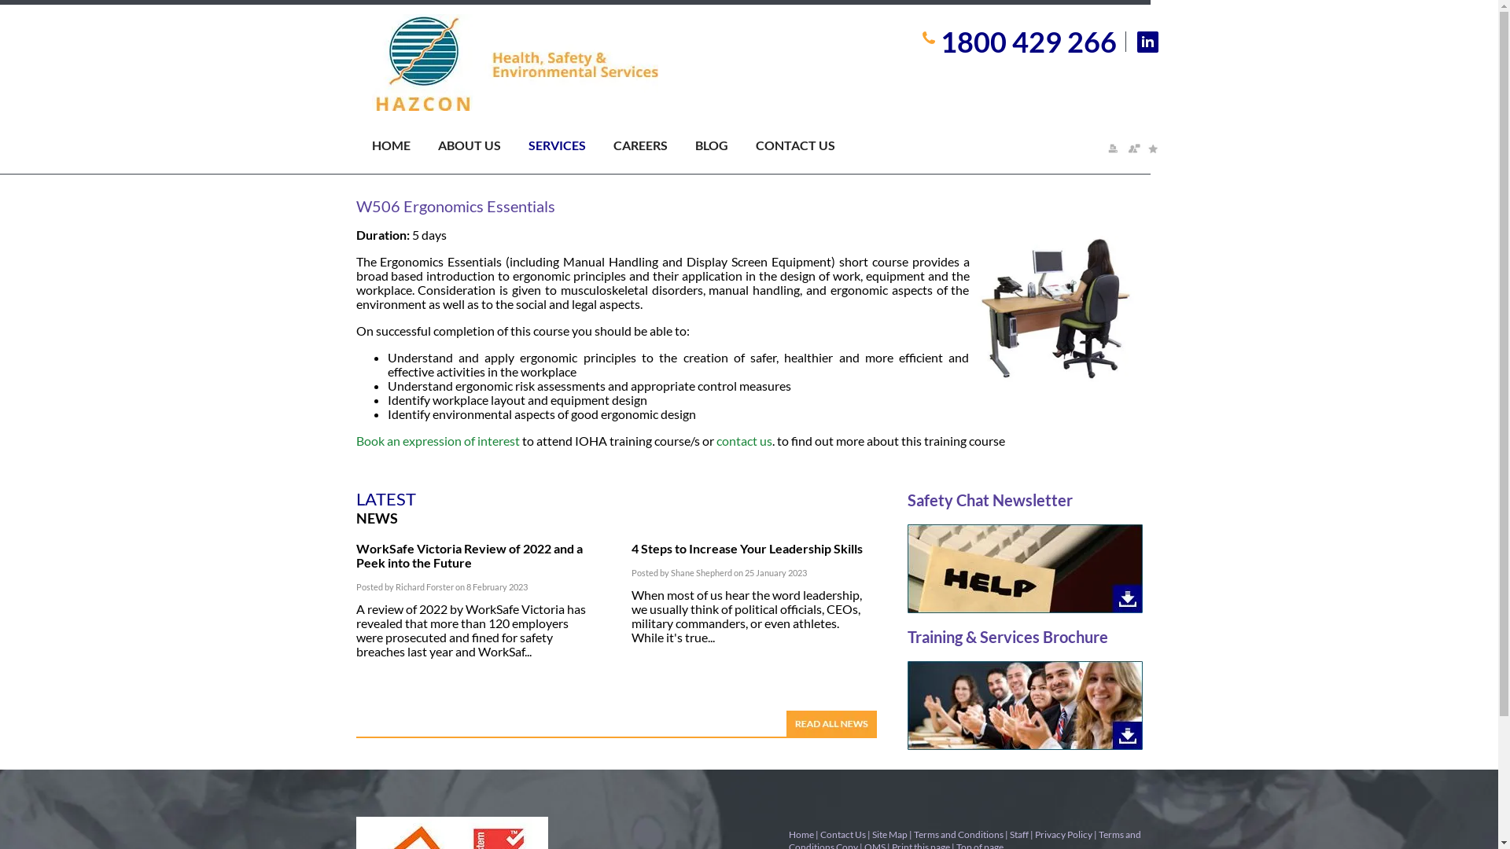 This screenshot has width=1510, height=849. Describe the element at coordinates (467, 554) in the screenshot. I see `'WorkSafe Victoria Review of 2022 and a Peek into the Future'` at that location.